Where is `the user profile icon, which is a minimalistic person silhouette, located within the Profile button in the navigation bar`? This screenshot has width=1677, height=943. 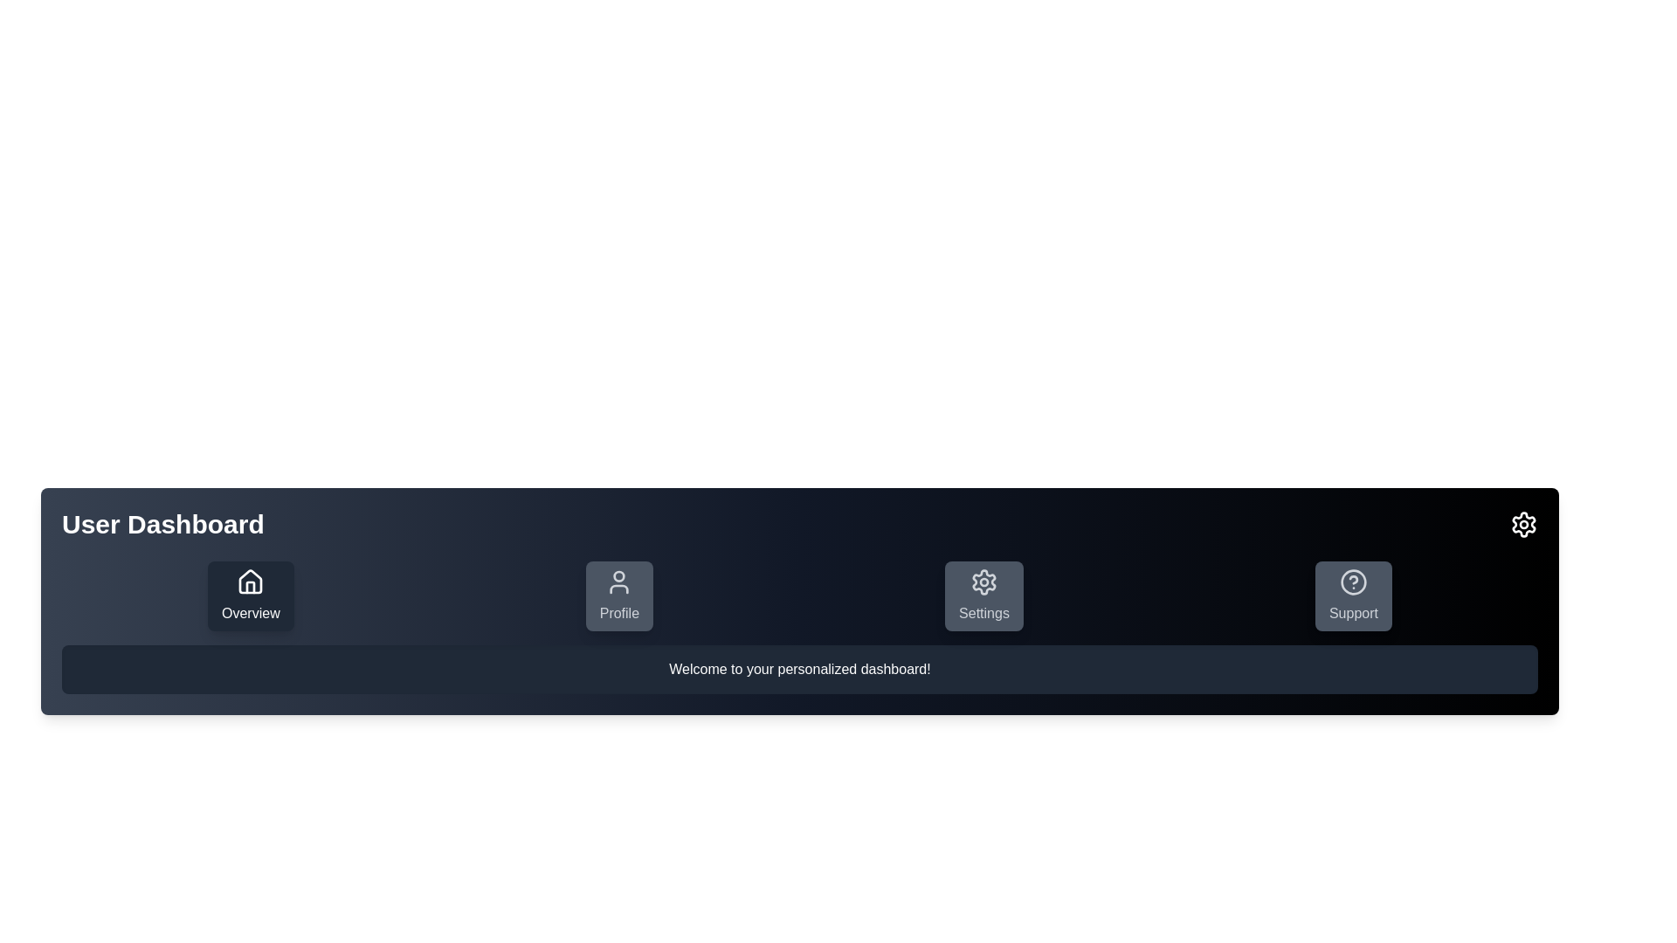
the user profile icon, which is a minimalistic person silhouette, located within the Profile button in the navigation bar is located at coordinates (619, 582).